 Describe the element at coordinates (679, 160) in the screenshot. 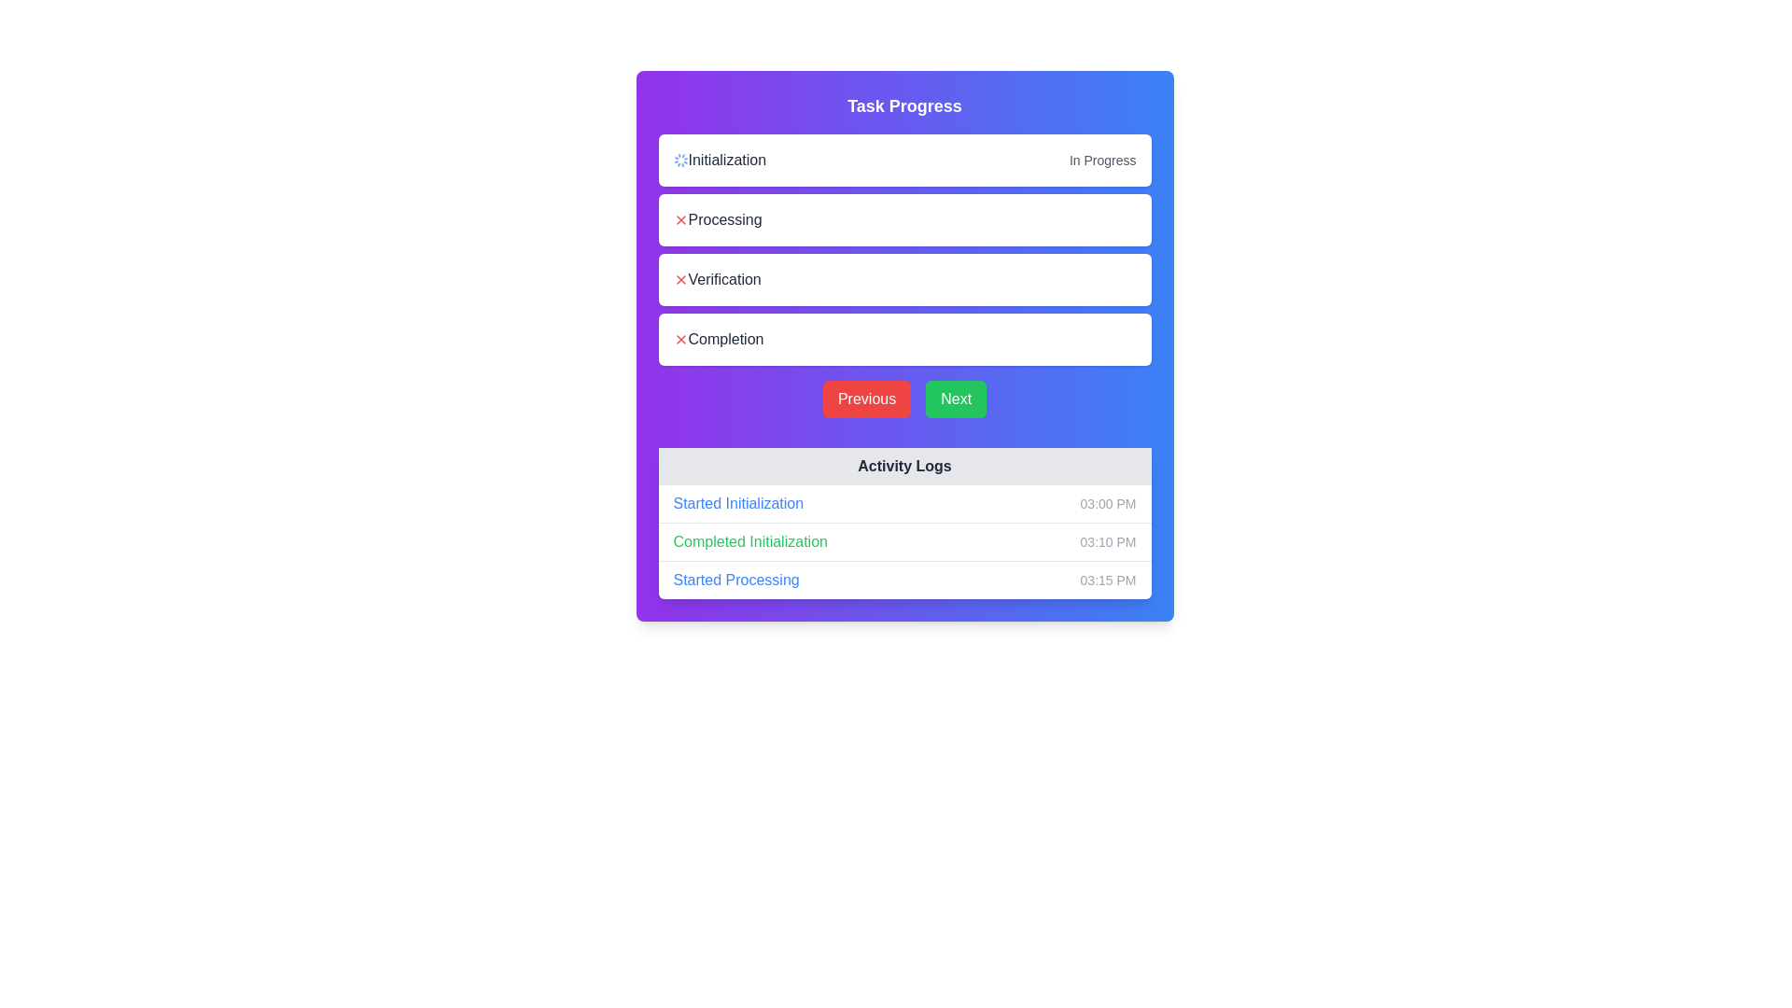

I see `Loading Indicator that visually represents the loading status for the 'Initialization' step, located under the 'Task Progress' label` at that location.